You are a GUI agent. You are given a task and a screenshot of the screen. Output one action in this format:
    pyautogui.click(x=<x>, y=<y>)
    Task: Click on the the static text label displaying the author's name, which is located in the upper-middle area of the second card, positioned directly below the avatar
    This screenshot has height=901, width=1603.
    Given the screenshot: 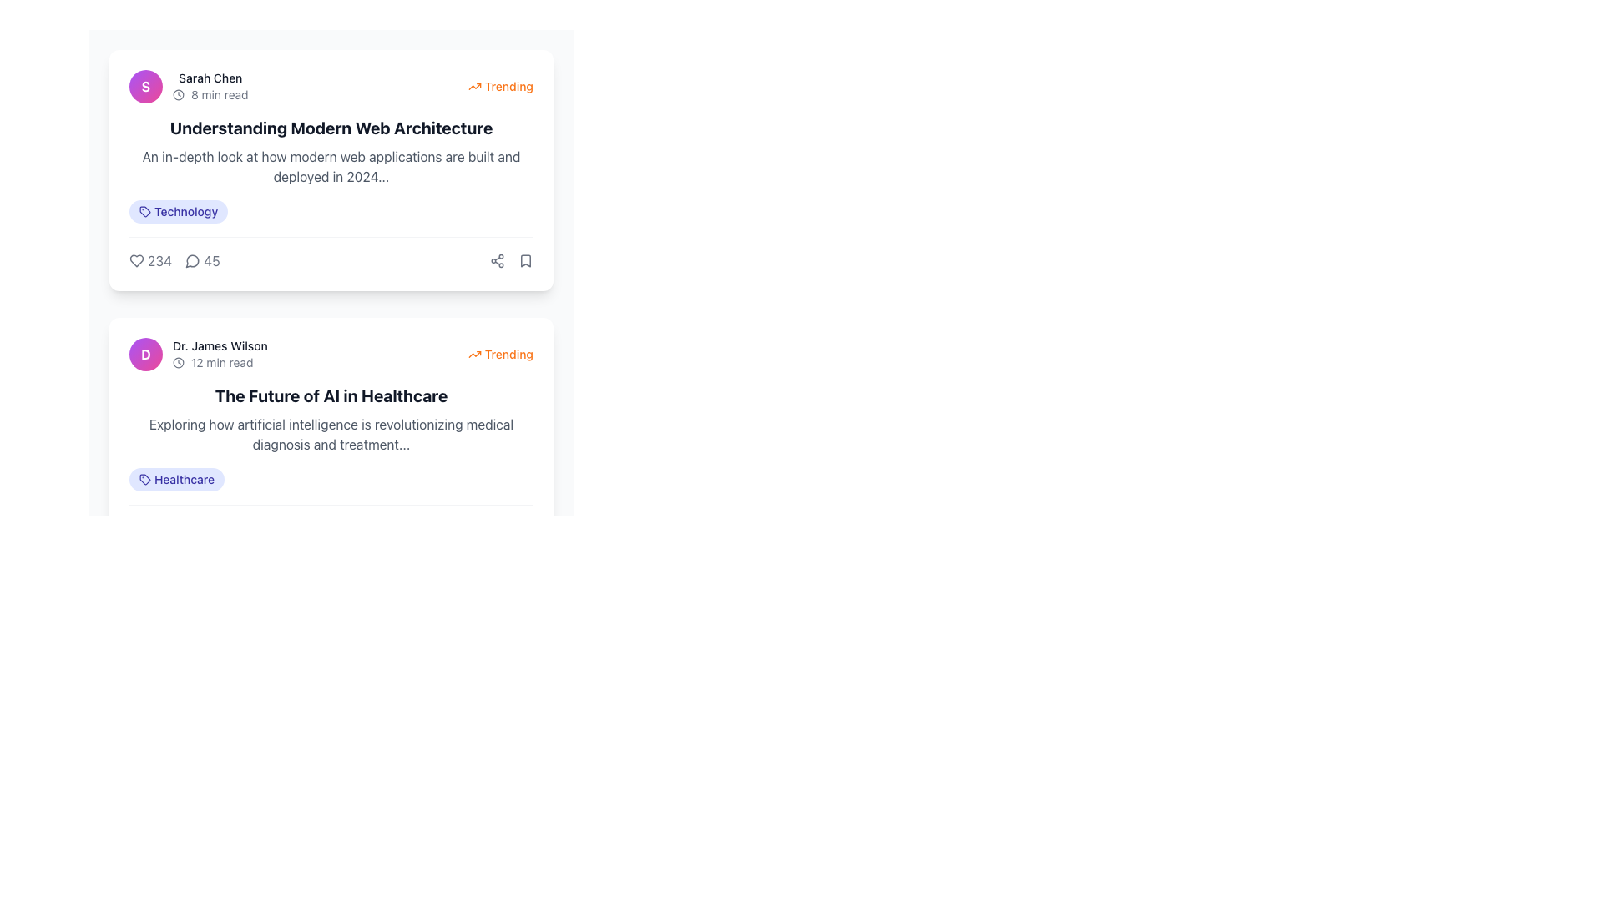 What is the action you would take?
    pyautogui.click(x=219, y=345)
    